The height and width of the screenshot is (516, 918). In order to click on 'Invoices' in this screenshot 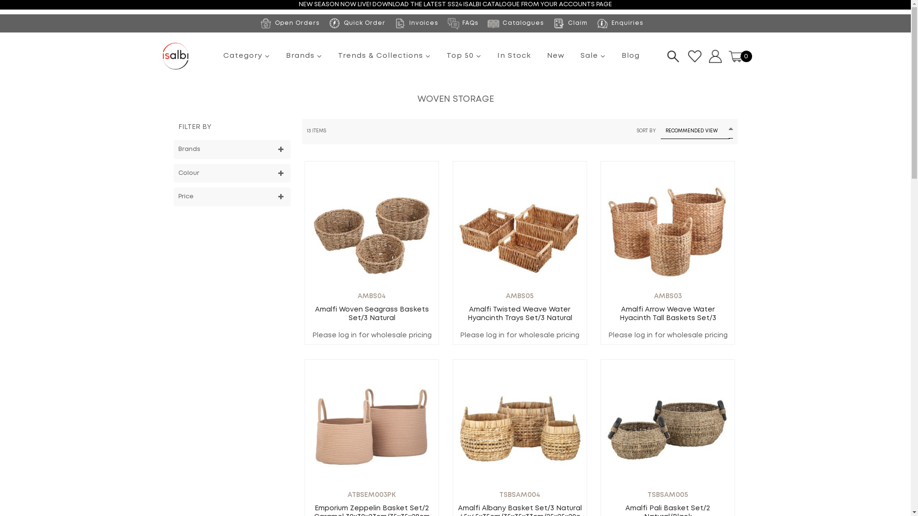, I will do `click(415, 22)`.